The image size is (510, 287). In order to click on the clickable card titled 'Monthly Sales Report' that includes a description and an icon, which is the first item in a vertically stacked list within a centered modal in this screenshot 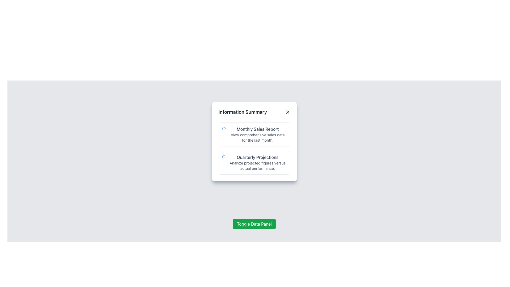, I will do `click(254, 134)`.